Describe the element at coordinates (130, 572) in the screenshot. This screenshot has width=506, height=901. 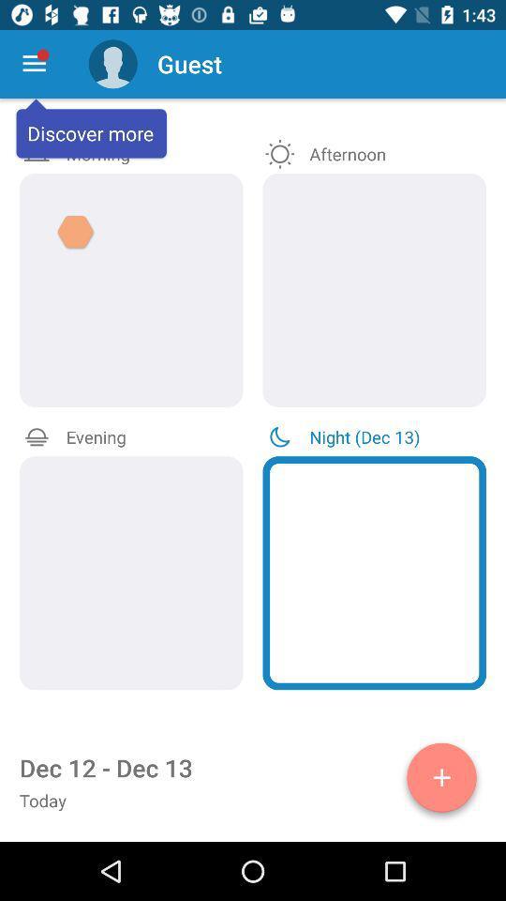
I see `evening medications` at that location.